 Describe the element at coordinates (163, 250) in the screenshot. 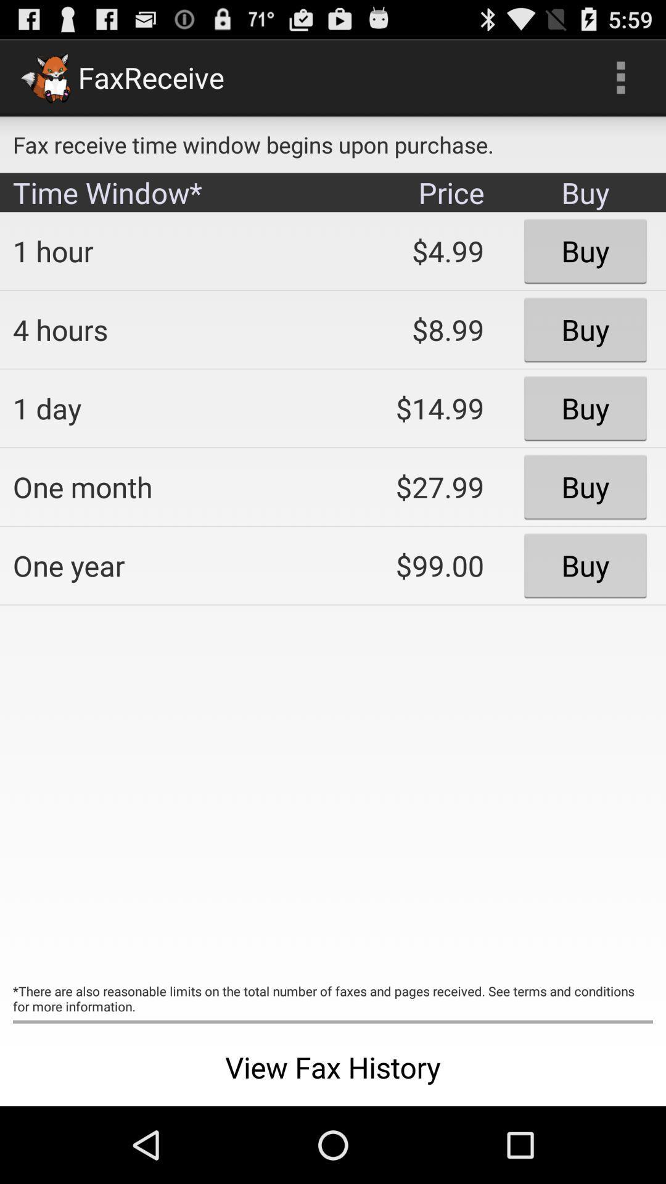

I see `item next to price icon` at that location.